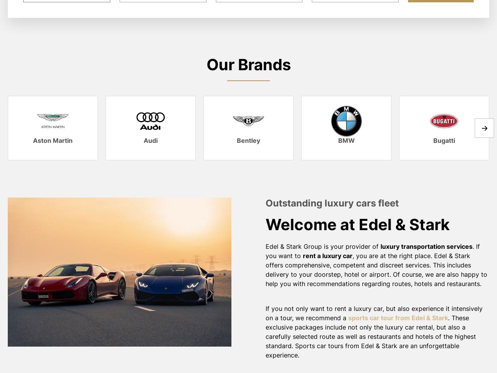 The width and height of the screenshot is (497, 373). What do you see at coordinates (444, 140) in the screenshot?
I see `'Bugatti'` at bounding box center [444, 140].